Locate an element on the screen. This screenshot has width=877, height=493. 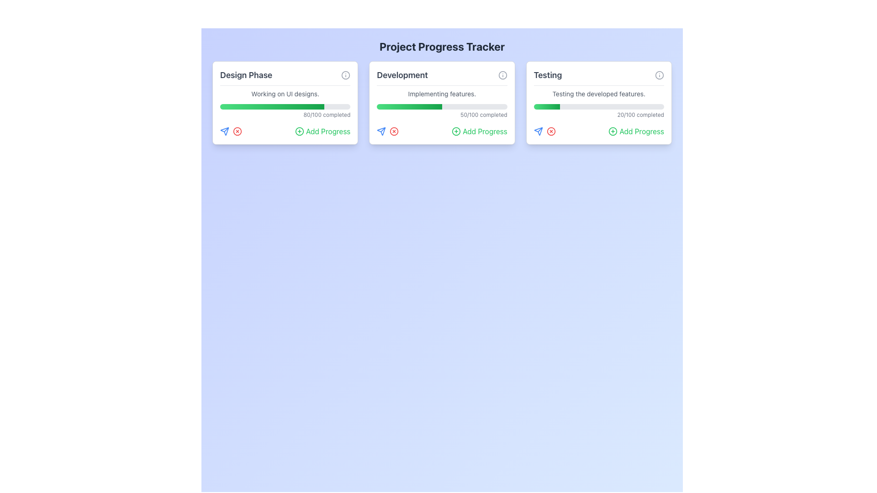
the progress value is located at coordinates (540, 106).